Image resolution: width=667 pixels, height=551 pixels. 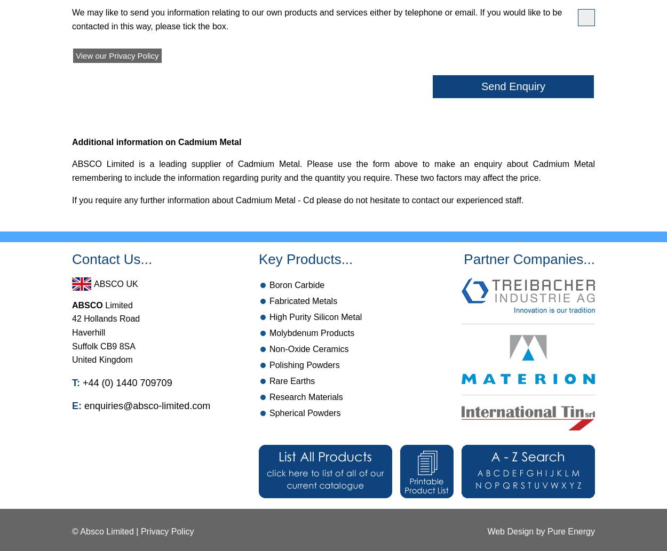 What do you see at coordinates (80, 382) in the screenshot?
I see `'+44 (0) 1440 709709'` at bounding box center [80, 382].